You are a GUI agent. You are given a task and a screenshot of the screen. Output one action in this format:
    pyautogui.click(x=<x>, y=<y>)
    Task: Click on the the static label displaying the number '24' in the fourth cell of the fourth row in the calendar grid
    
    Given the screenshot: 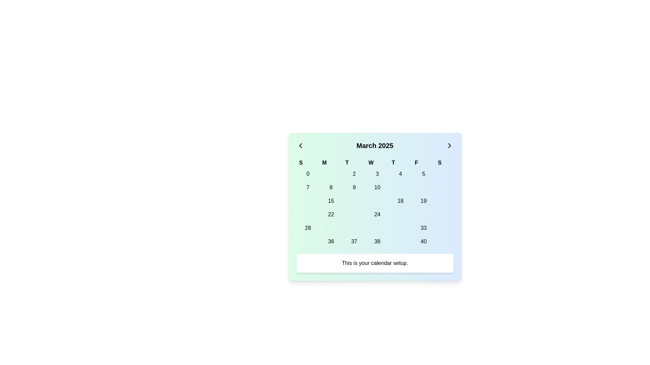 What is the action you would take?
    pyautogui.click(x=377, y=215)
    